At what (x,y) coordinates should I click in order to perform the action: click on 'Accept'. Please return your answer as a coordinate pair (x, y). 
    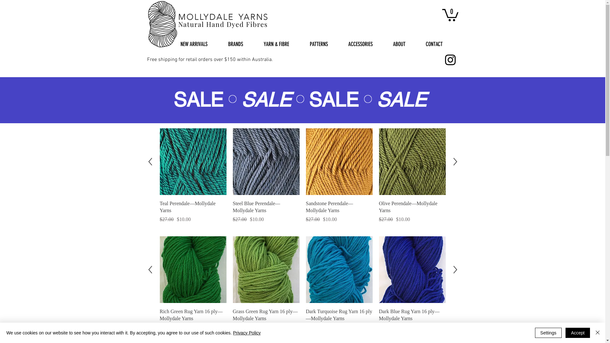
    Looking at the image, I should click on (578, 333).